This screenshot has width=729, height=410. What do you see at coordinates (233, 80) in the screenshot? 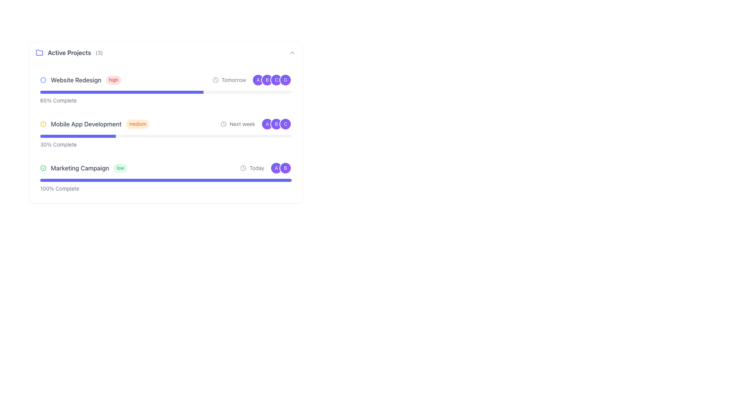
I see `the text content of the label displaying 'Tomorrow' in small gray font, which is linked to scheduling or deadlines, located to the right of a clock icon within the 'Website Redesign' project line` at bounding box center [233, 80].